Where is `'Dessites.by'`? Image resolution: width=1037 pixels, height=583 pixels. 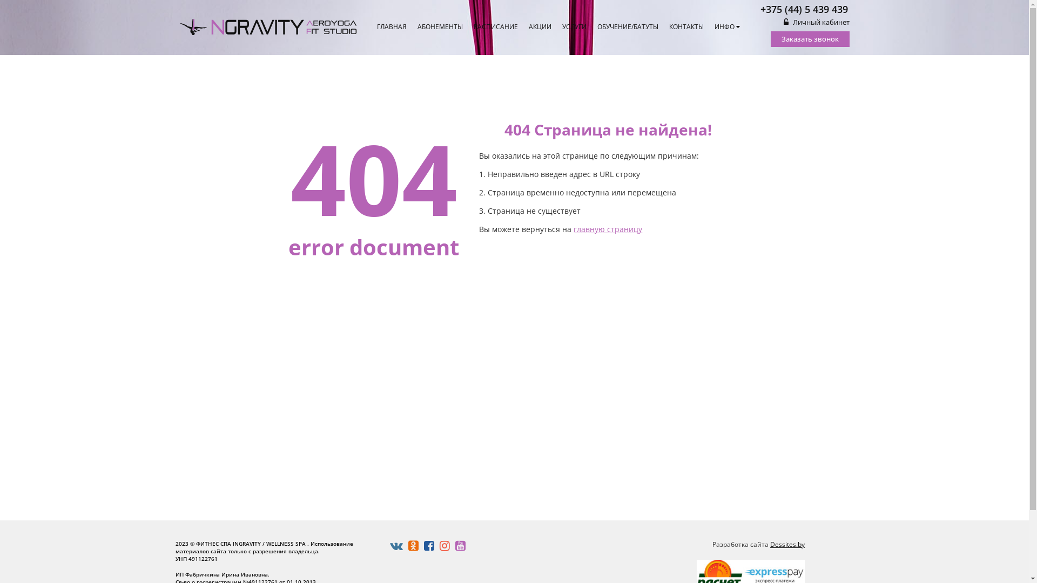 'Dessites.by' is located at coordinates (787, 544).